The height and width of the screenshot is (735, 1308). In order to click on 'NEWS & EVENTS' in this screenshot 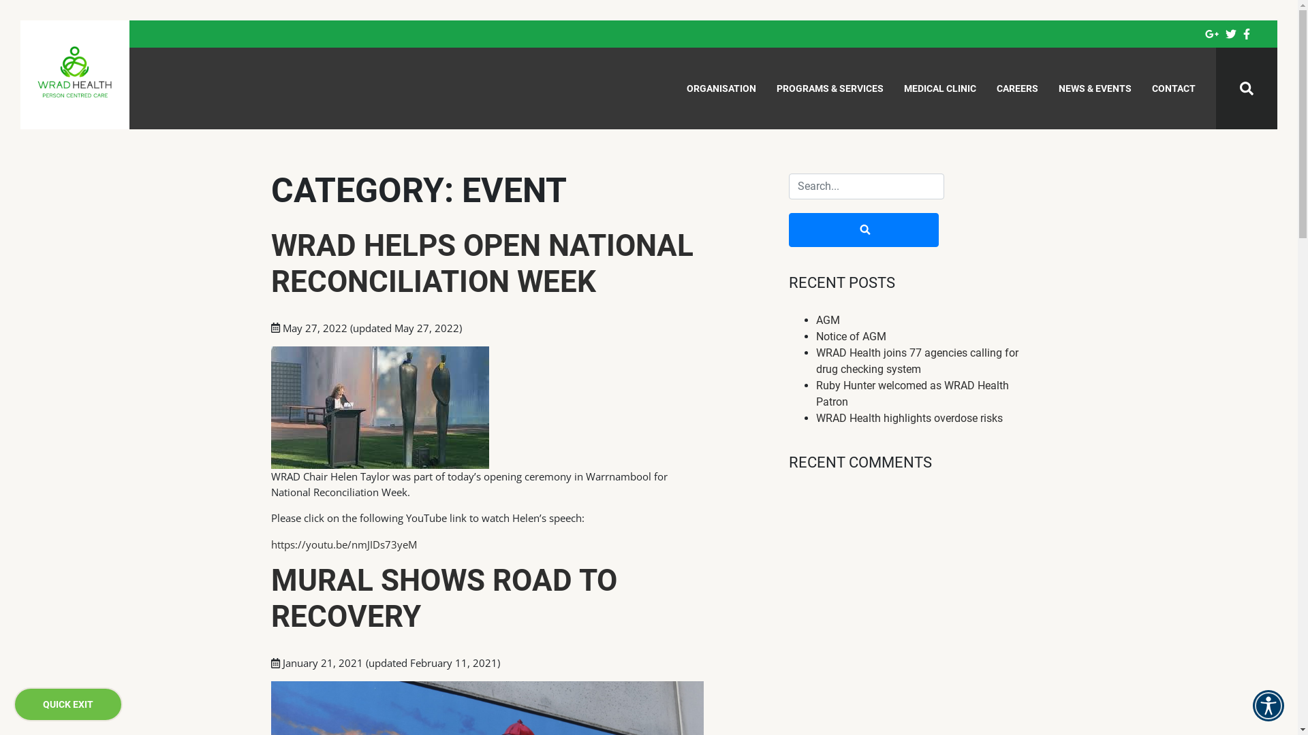, I will do `click(1048, 88)`.